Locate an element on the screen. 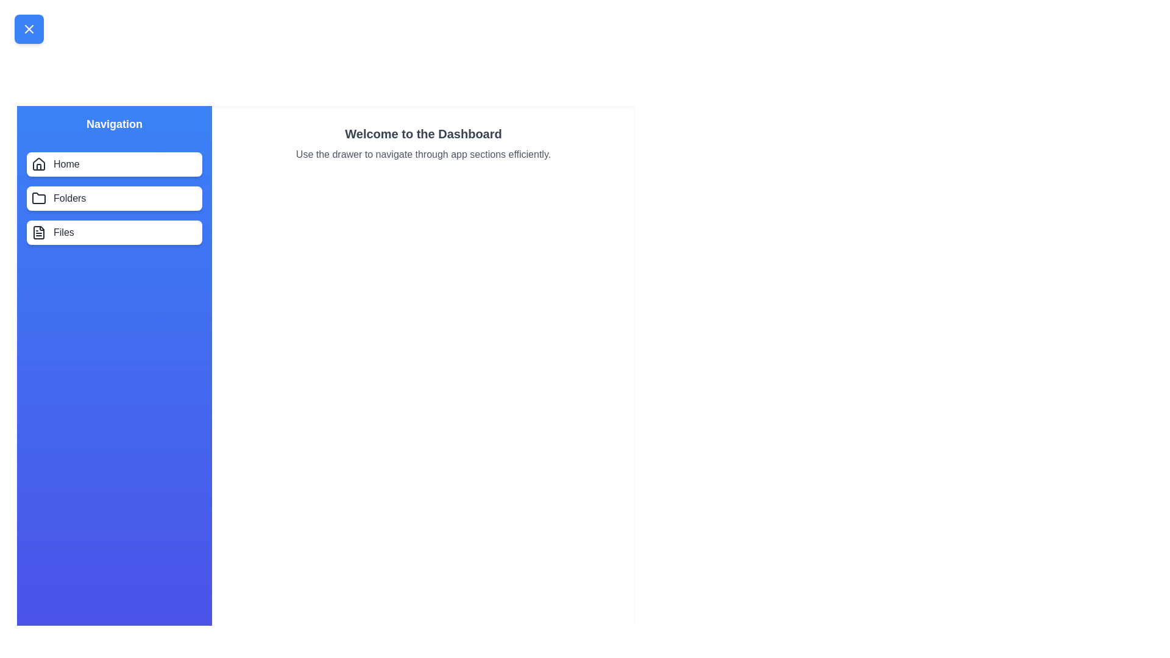 The image size is (1170, 658). the menu item Files is located at coordinates (114, 232).